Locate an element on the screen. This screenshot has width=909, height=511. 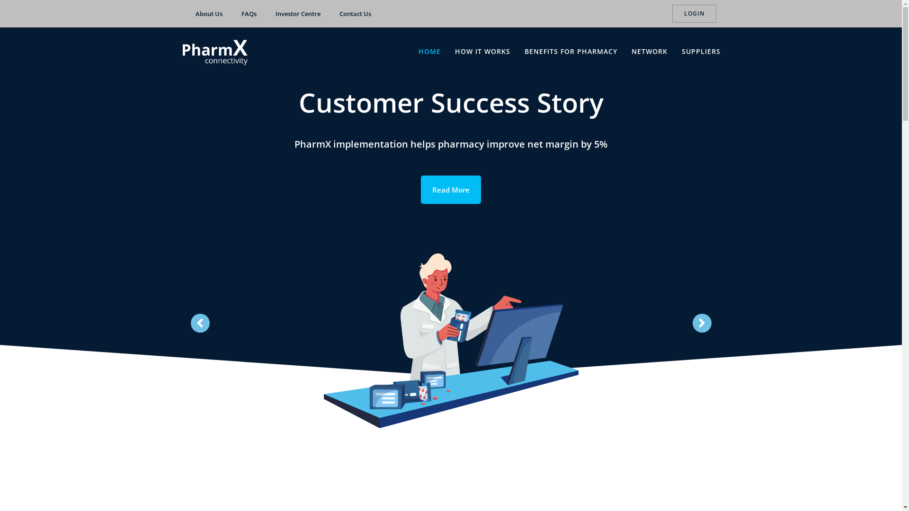
'BENEFITS FOR PHARMACY' is located at coordinates (570, 51).